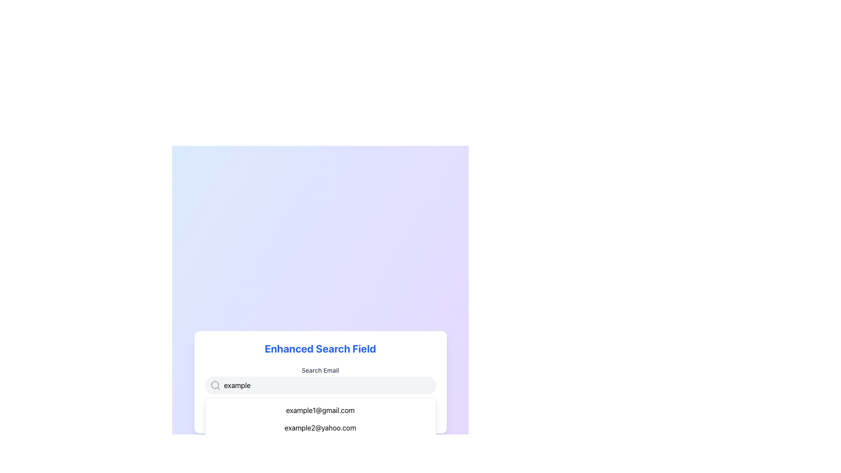 This screenshot has width=841, height=473. I want to click on the circle-based graphical icon component representing the search icon, located within an SVG element at the left side of the search input field, so click(215, 385).